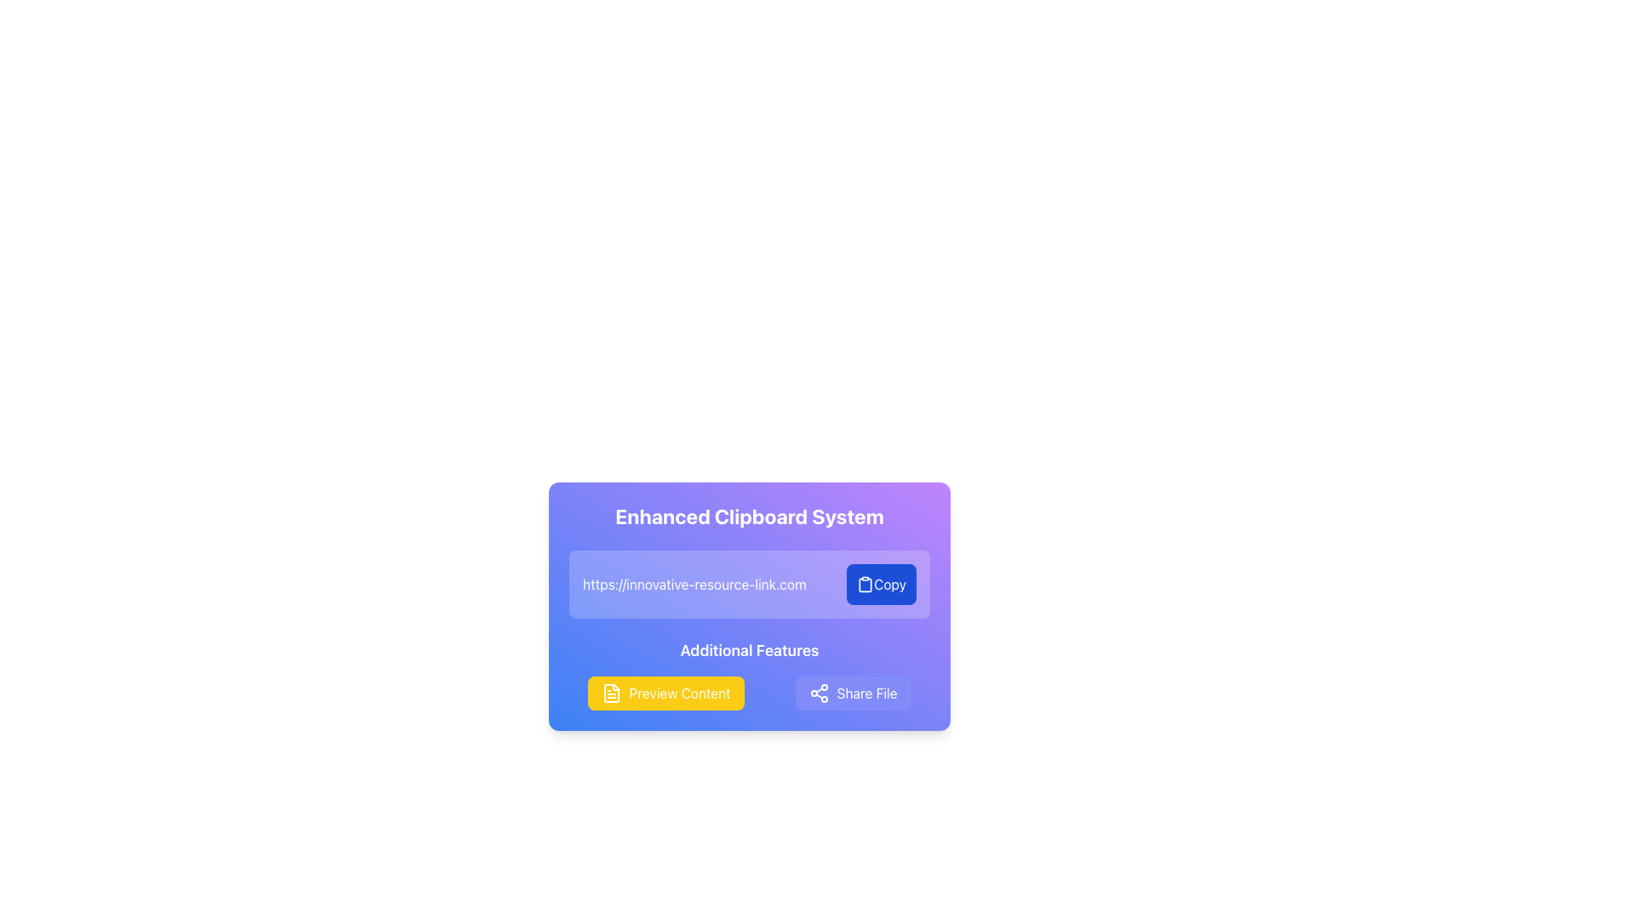 The height and width of the screenshot is (919, 1634). I want to click on the 'Preview Content' button located in the lower section of the 'Enhanced Clipboard System' card under 'Additional Features', so click(665, 693).